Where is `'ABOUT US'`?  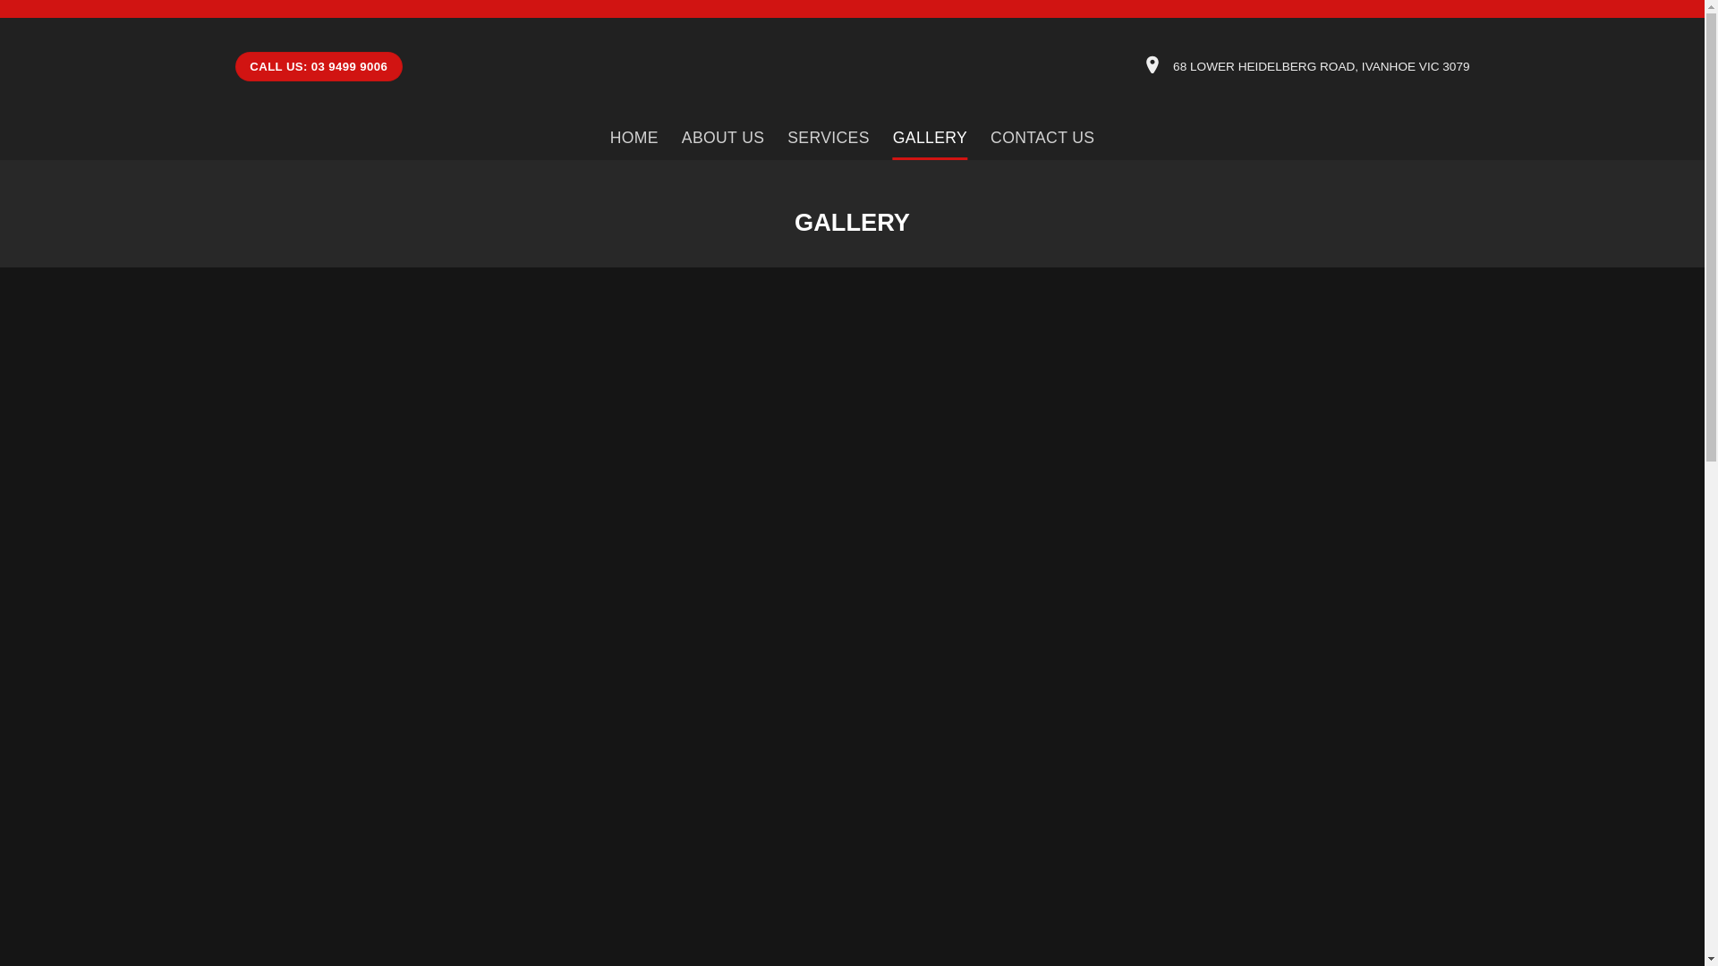 'ABOUT US' is located at coordinates (722, 137).